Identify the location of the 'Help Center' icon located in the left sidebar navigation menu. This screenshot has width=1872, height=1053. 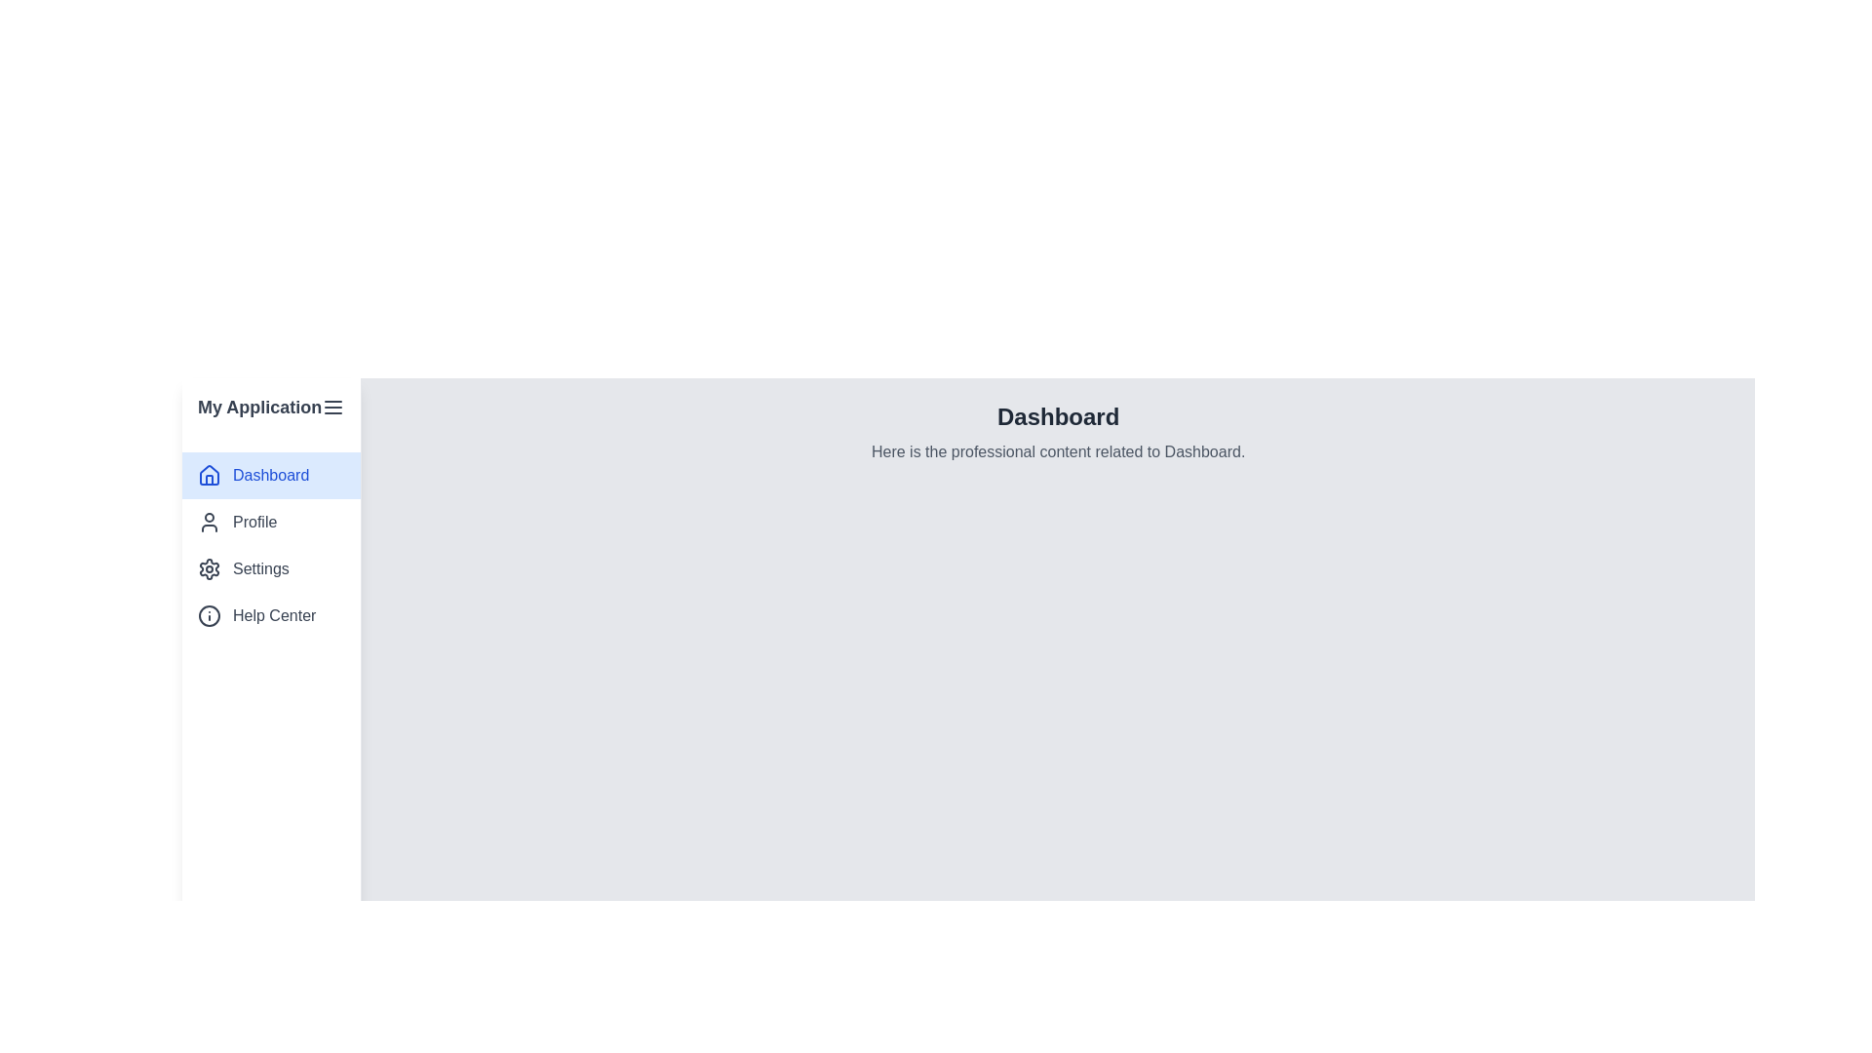
(210, 616).